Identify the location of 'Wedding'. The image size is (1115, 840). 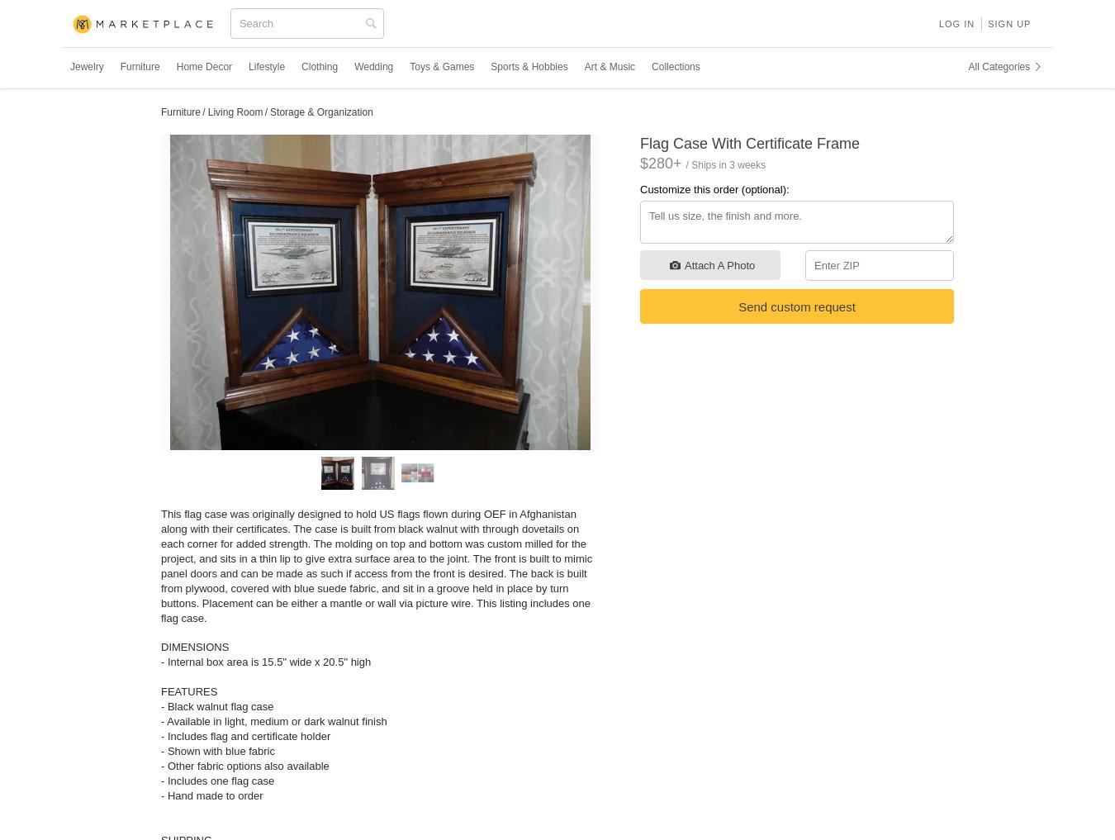
(372, 66).